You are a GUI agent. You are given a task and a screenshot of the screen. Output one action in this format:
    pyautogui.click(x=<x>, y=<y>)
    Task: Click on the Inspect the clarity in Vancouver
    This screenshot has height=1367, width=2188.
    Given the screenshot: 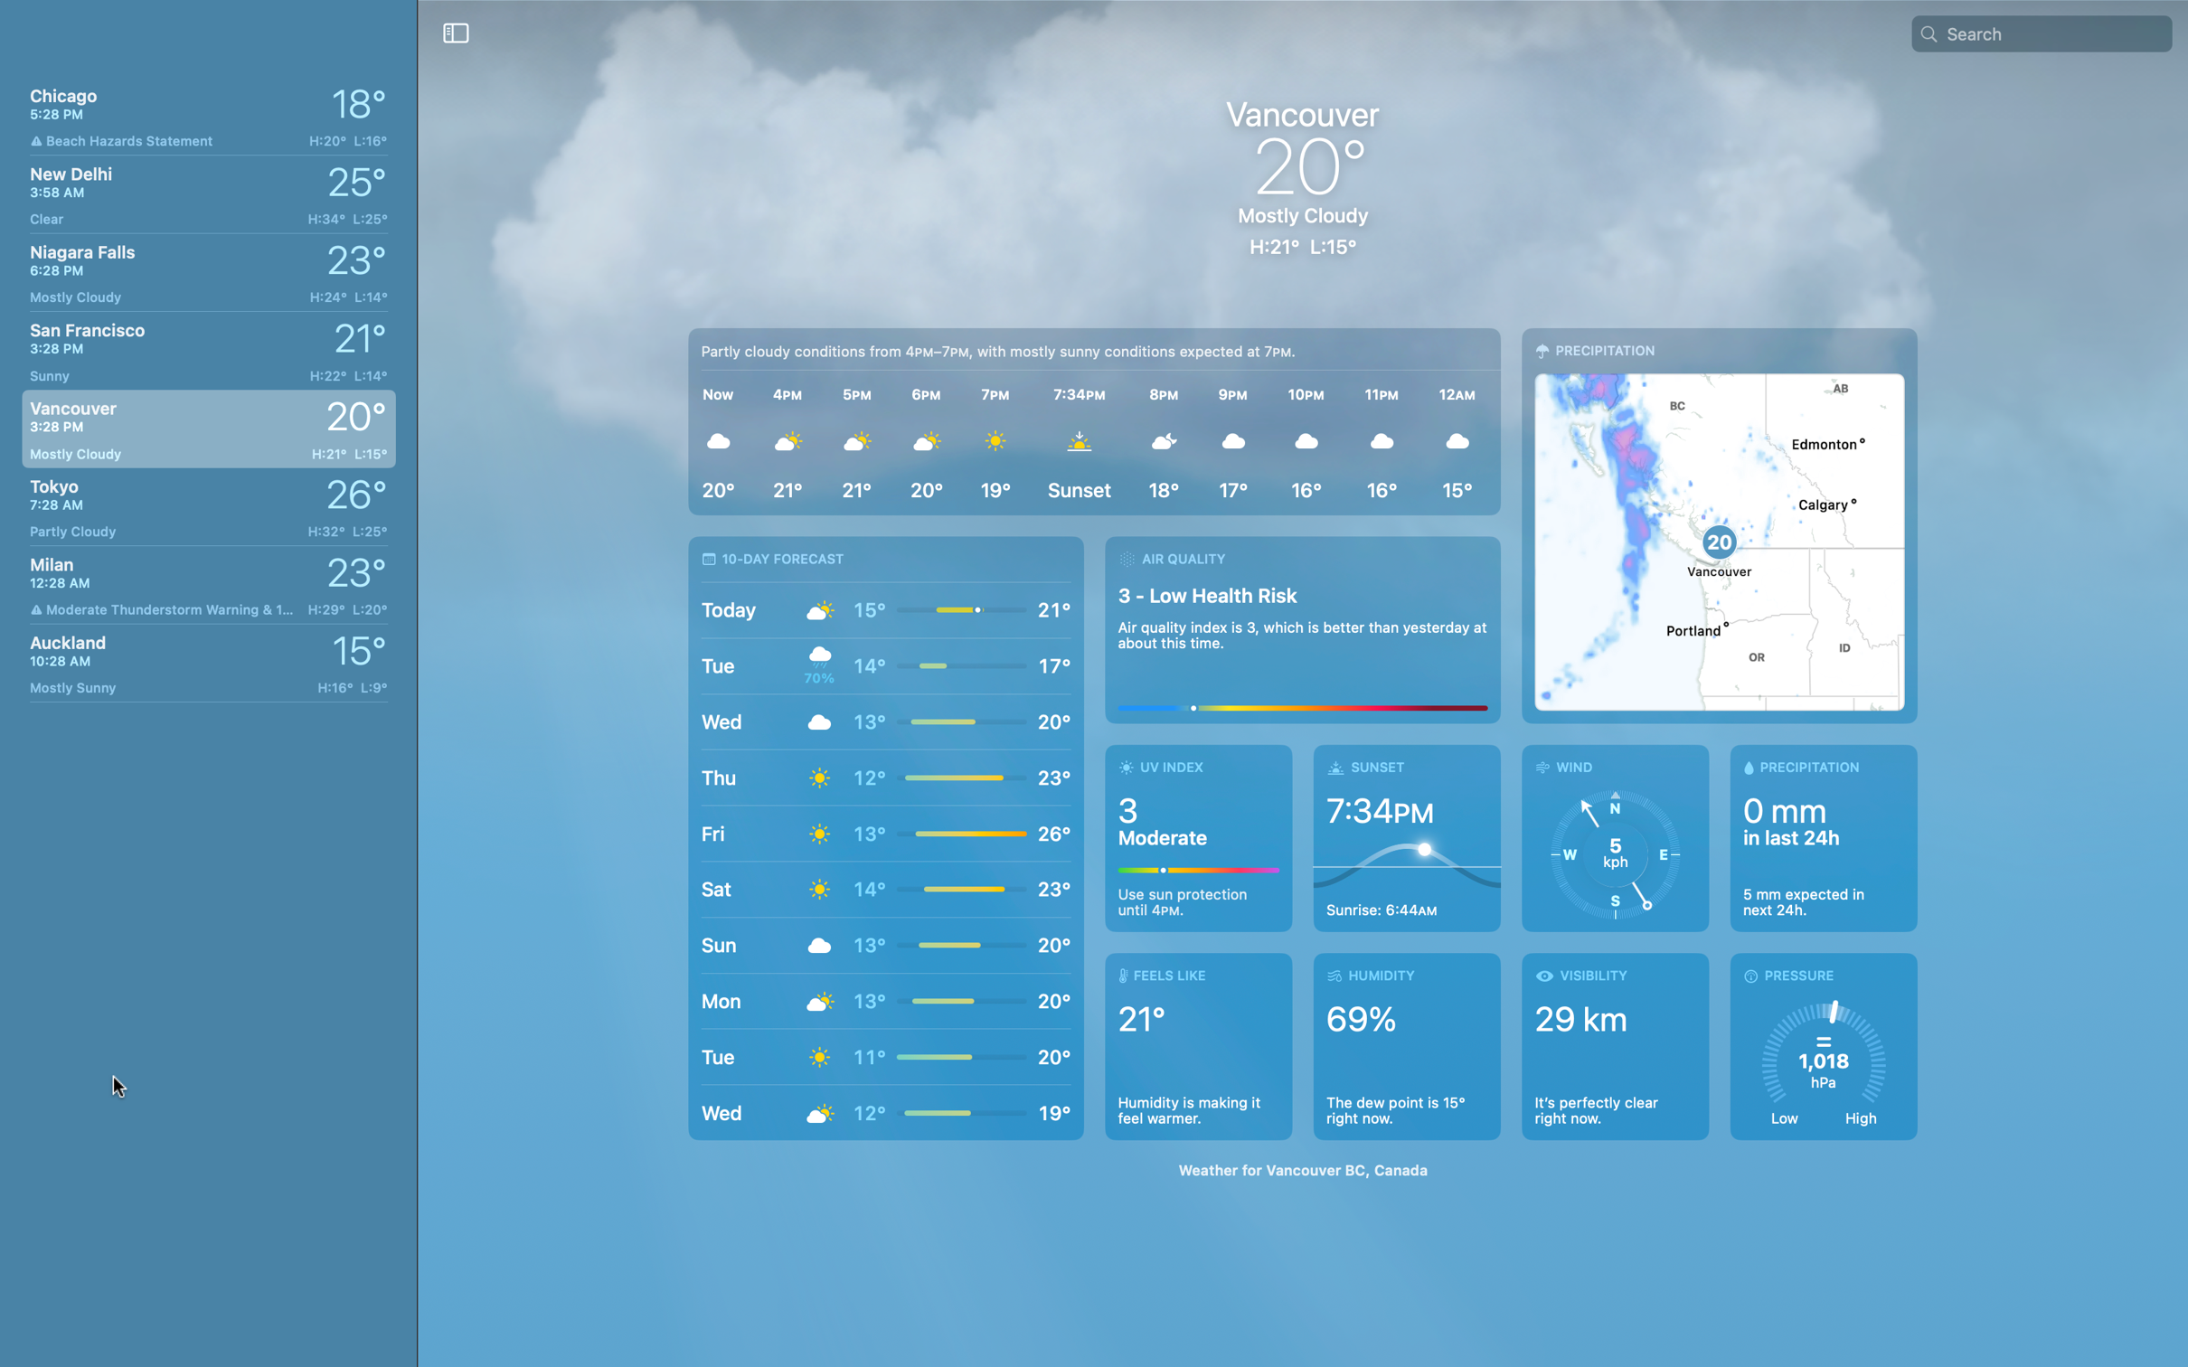 What is the action you would take?
    pyautogui.click(x=1614, y=1044)
    